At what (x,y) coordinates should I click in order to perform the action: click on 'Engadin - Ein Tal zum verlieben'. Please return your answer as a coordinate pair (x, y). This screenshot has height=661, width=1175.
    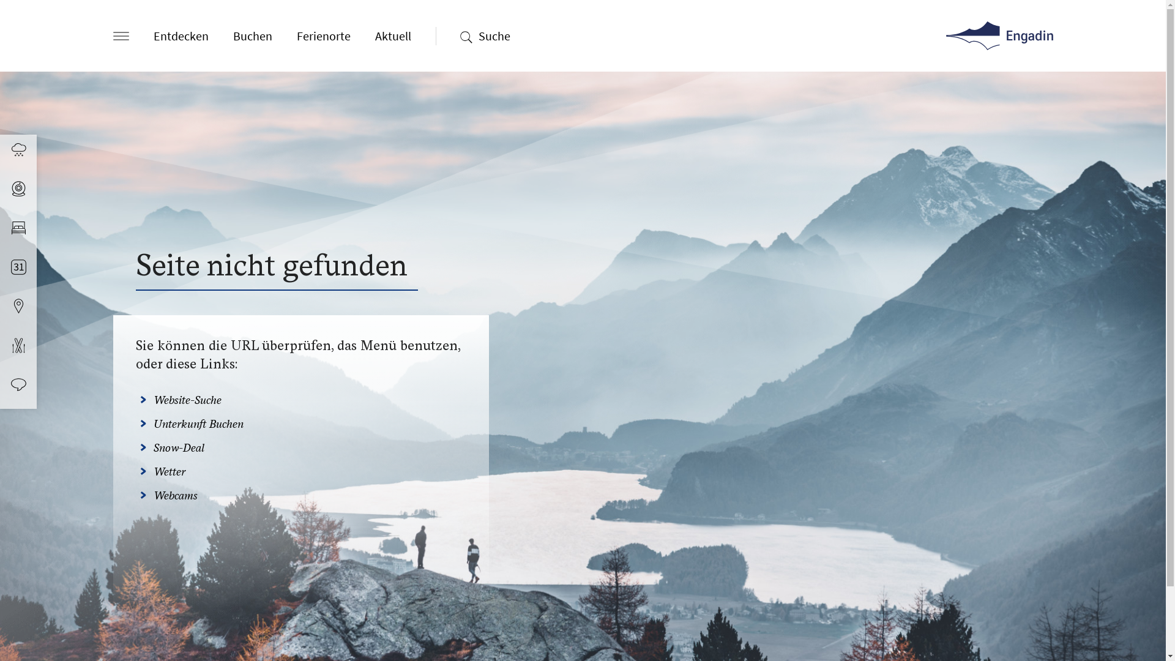
    Looking at the image, I should click on (999, 35).